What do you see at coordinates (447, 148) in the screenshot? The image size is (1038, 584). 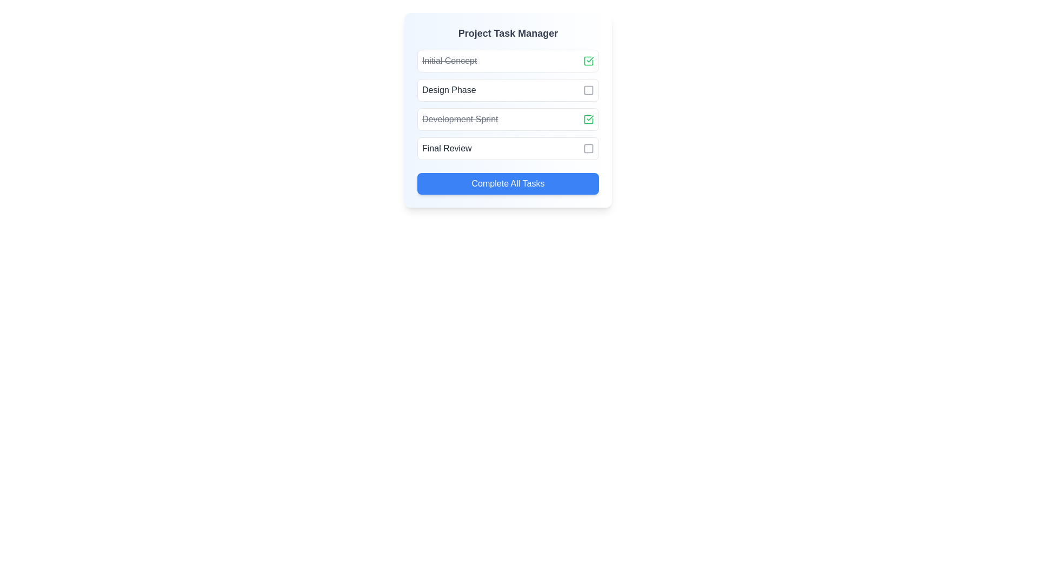 I see `the 'Final Review' text label in the checklist interface, which is centered in the third item of the task list` at bounding box center [447, 148].